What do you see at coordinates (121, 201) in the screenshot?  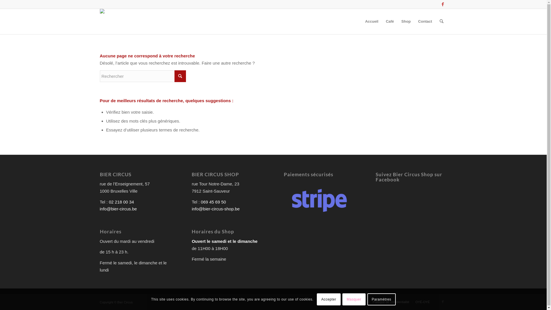 I see `'02 218 00 34'` at bounding box center [121, 201].